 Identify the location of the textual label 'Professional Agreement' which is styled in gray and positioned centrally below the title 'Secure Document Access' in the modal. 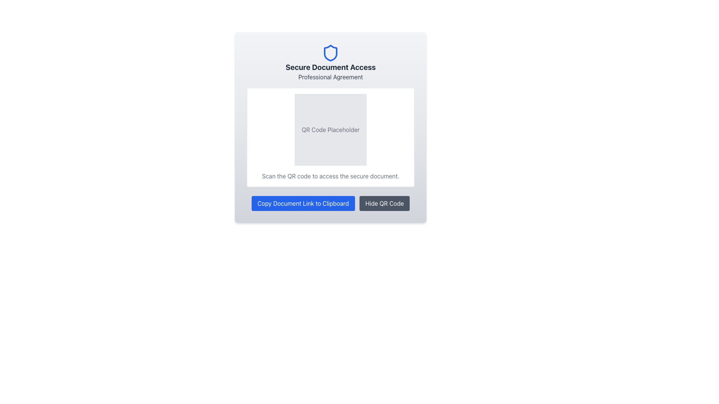
(330, 77).